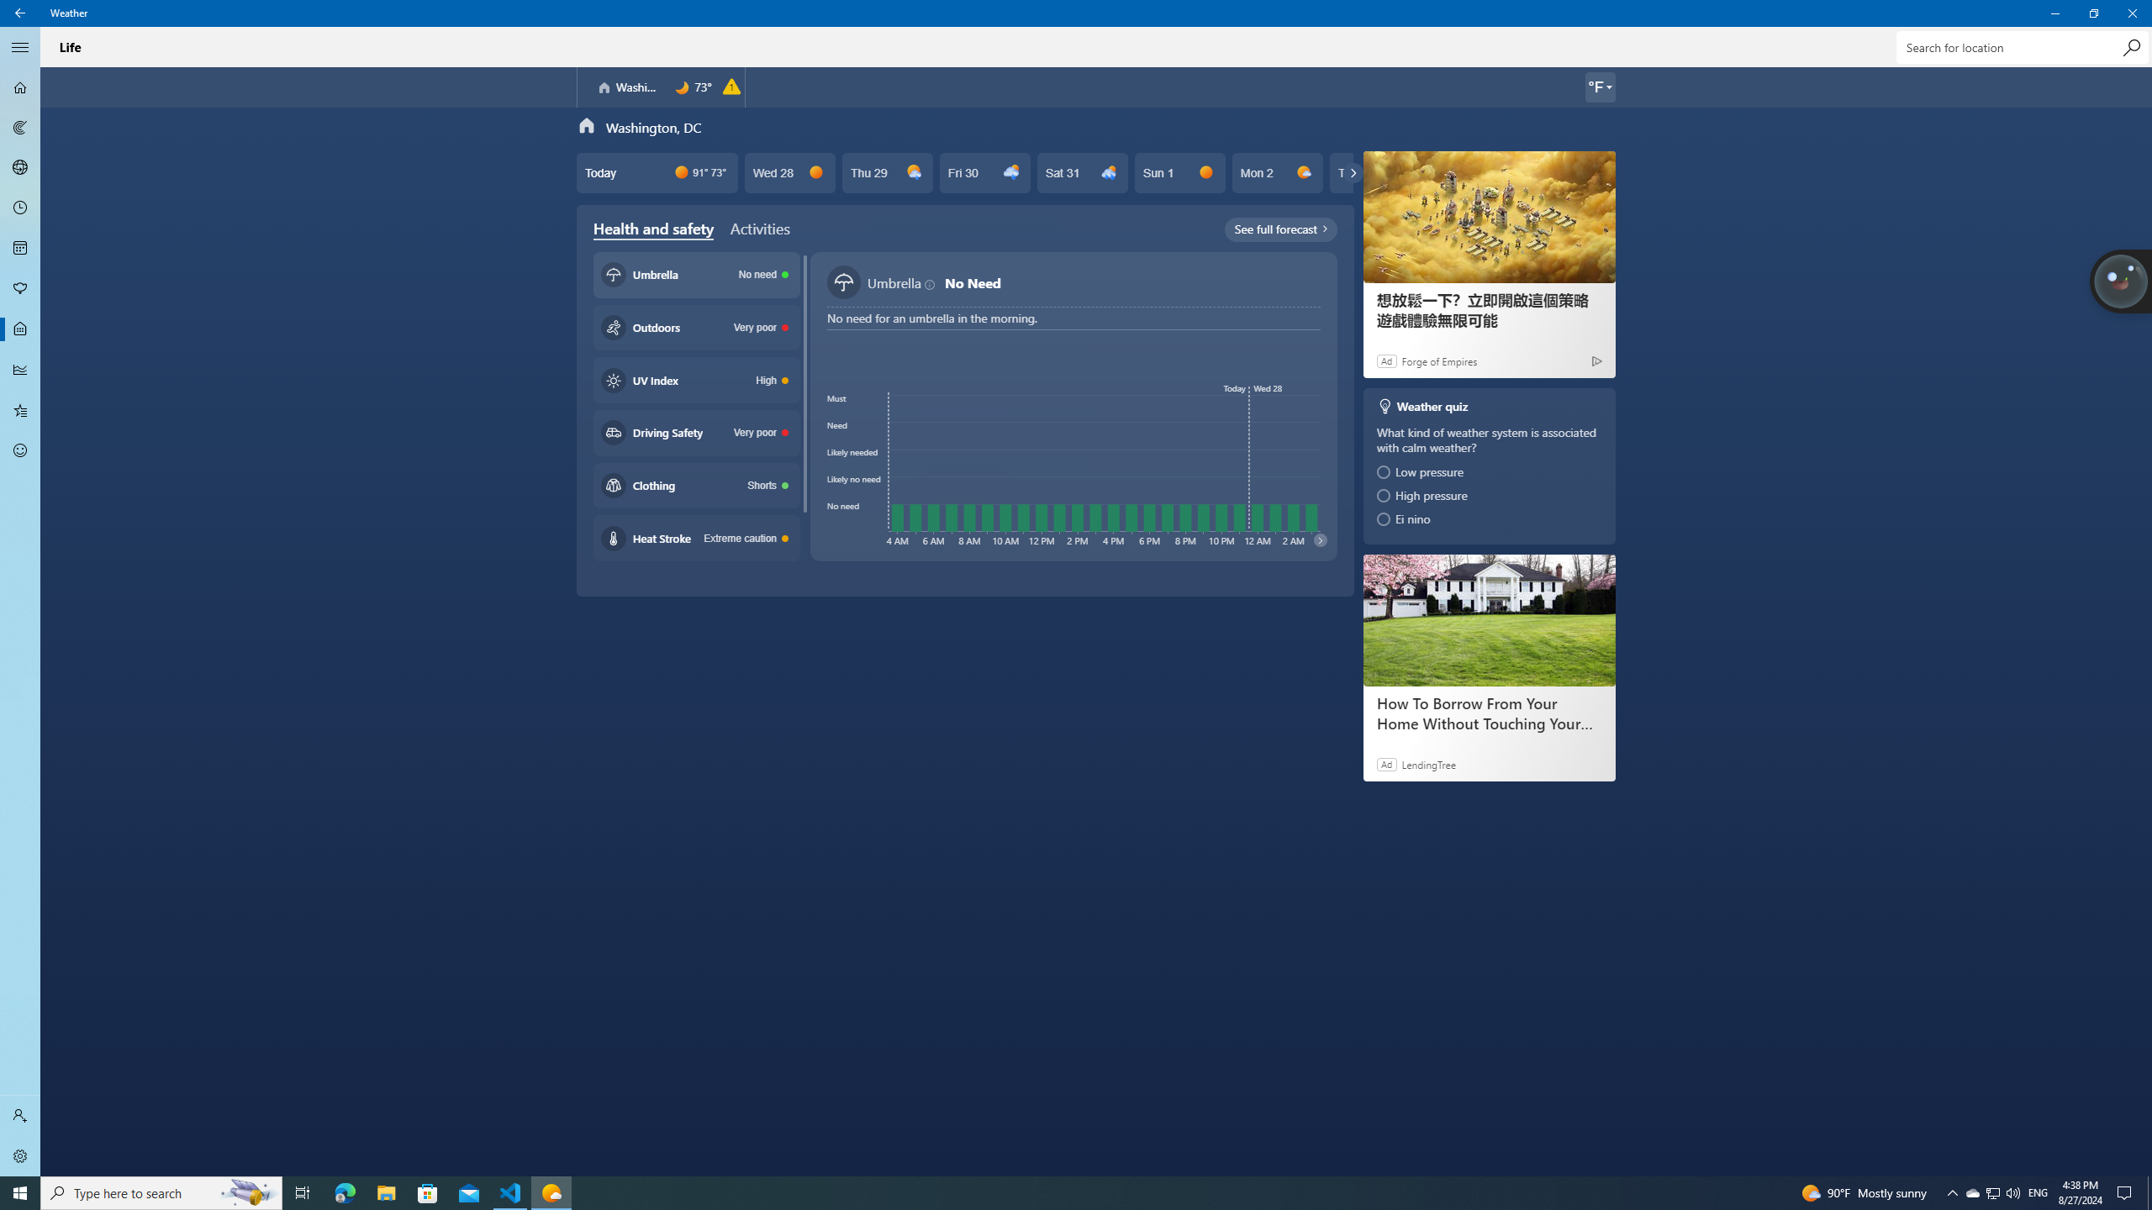 The width and height of the screenshot is (2152, 1210). What do you see at coordinates (20, 208) in the screenshot?
I see `'Hourly Forecast - Not Selected'` at bounding box center [20, 208].